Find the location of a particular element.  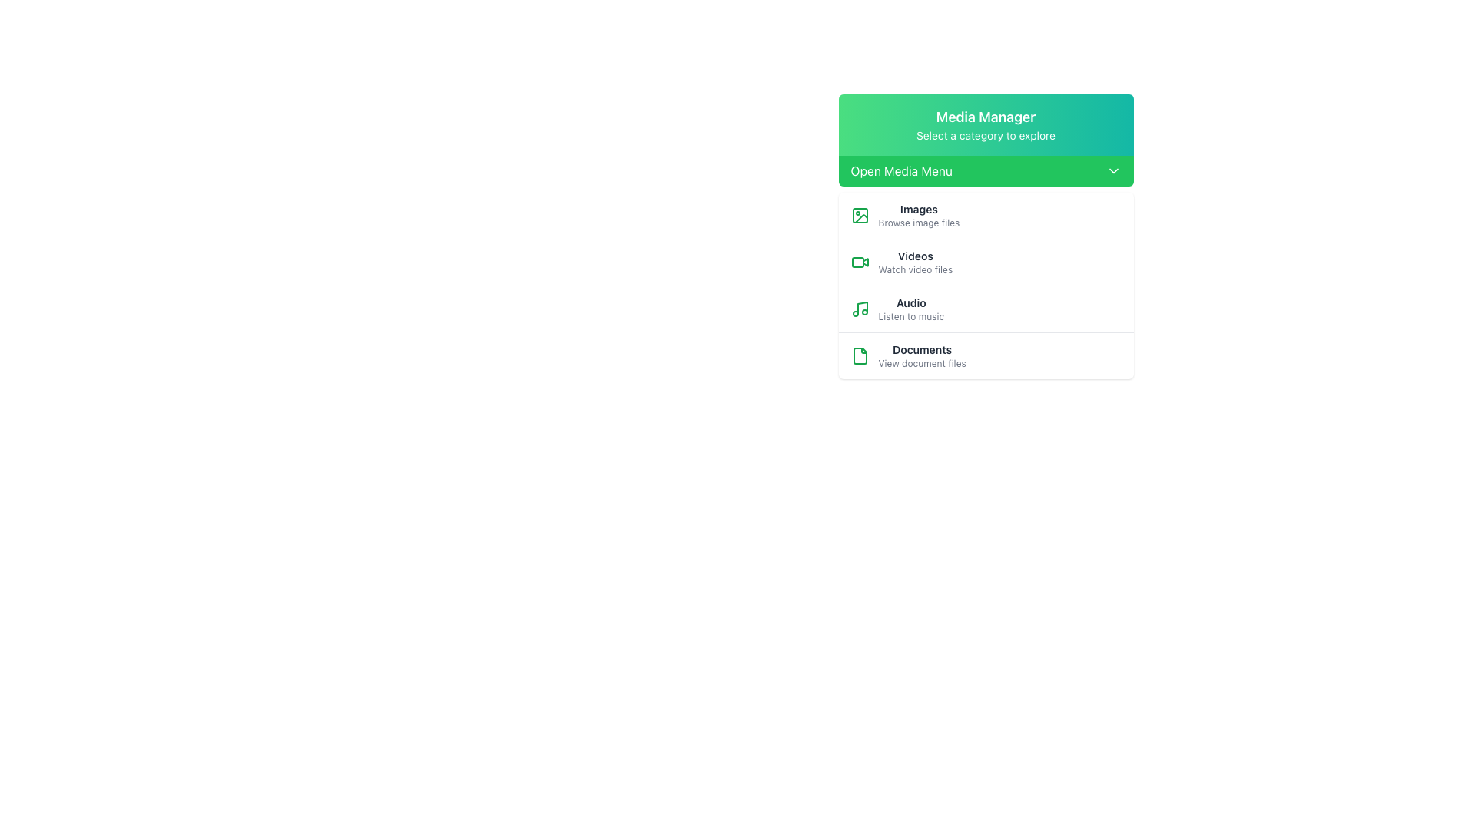

the static informational header section that introduces the media management interface, located above the 'Open Media Menu' green button is located at coordinates (986, 124).